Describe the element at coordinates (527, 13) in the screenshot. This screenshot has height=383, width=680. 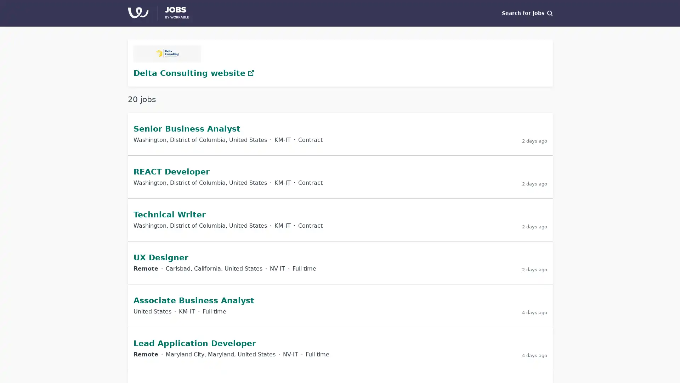
I see `Search for jobs` at that location.